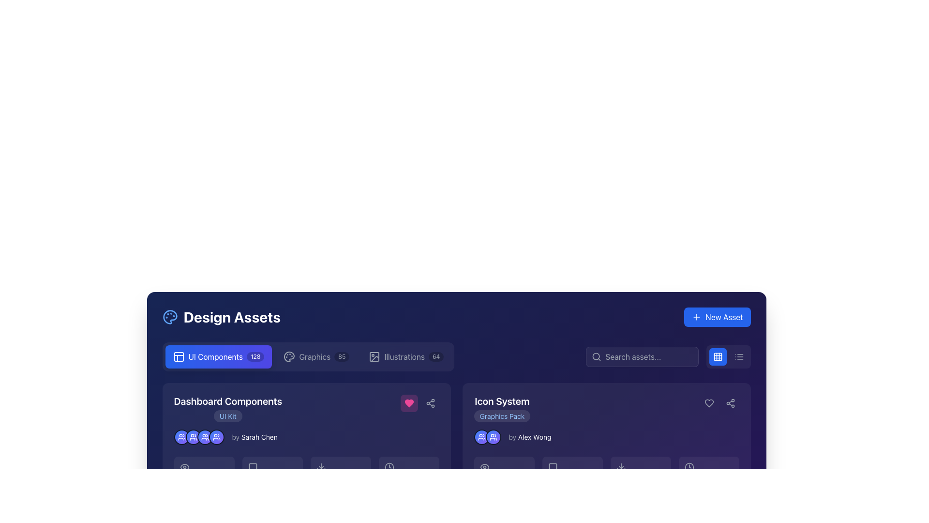 The height and width of the screenshot is (523, 929). Describe the element at coordinates (534, 437) in the screenshot. I see `text 'Alex Wong' which is displayed in white font on a dark blue background, located near the bottom-right section of the card titled 'Icon System'` at that location.